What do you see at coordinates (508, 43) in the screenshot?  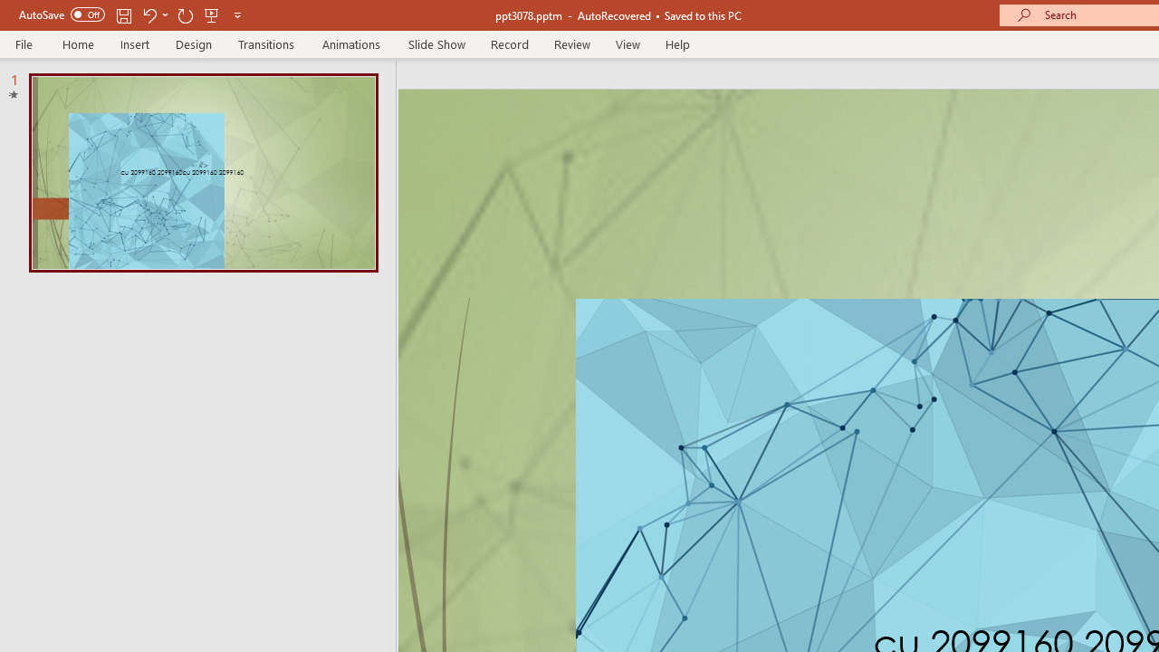 I see `'Record'` at bounding box center [508, 43].